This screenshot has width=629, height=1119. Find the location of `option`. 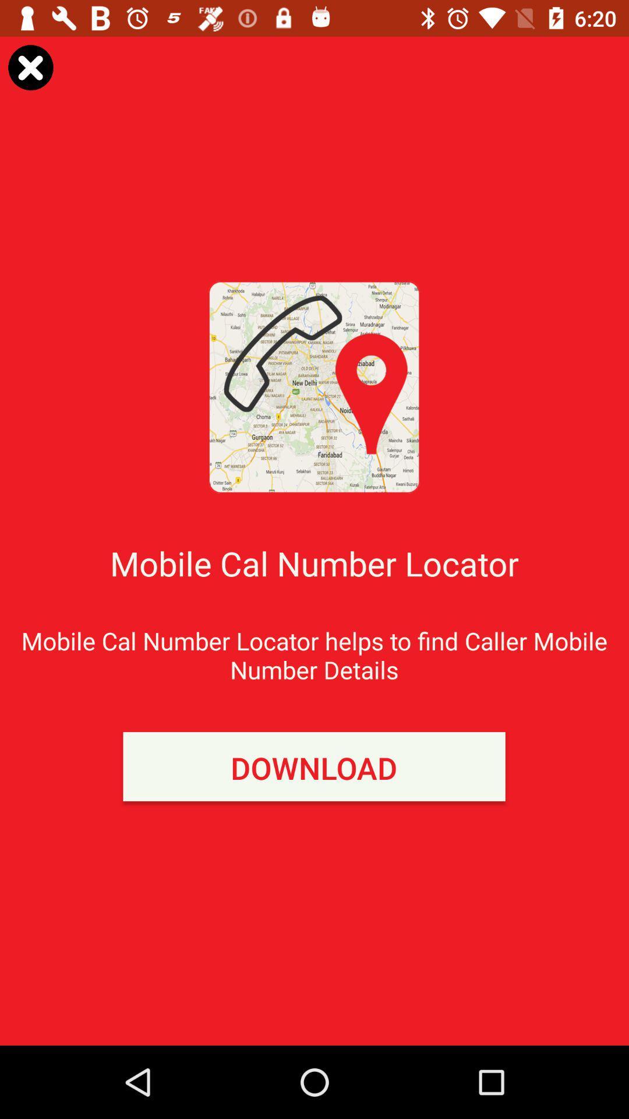

option is located at coordinates (30, 66).